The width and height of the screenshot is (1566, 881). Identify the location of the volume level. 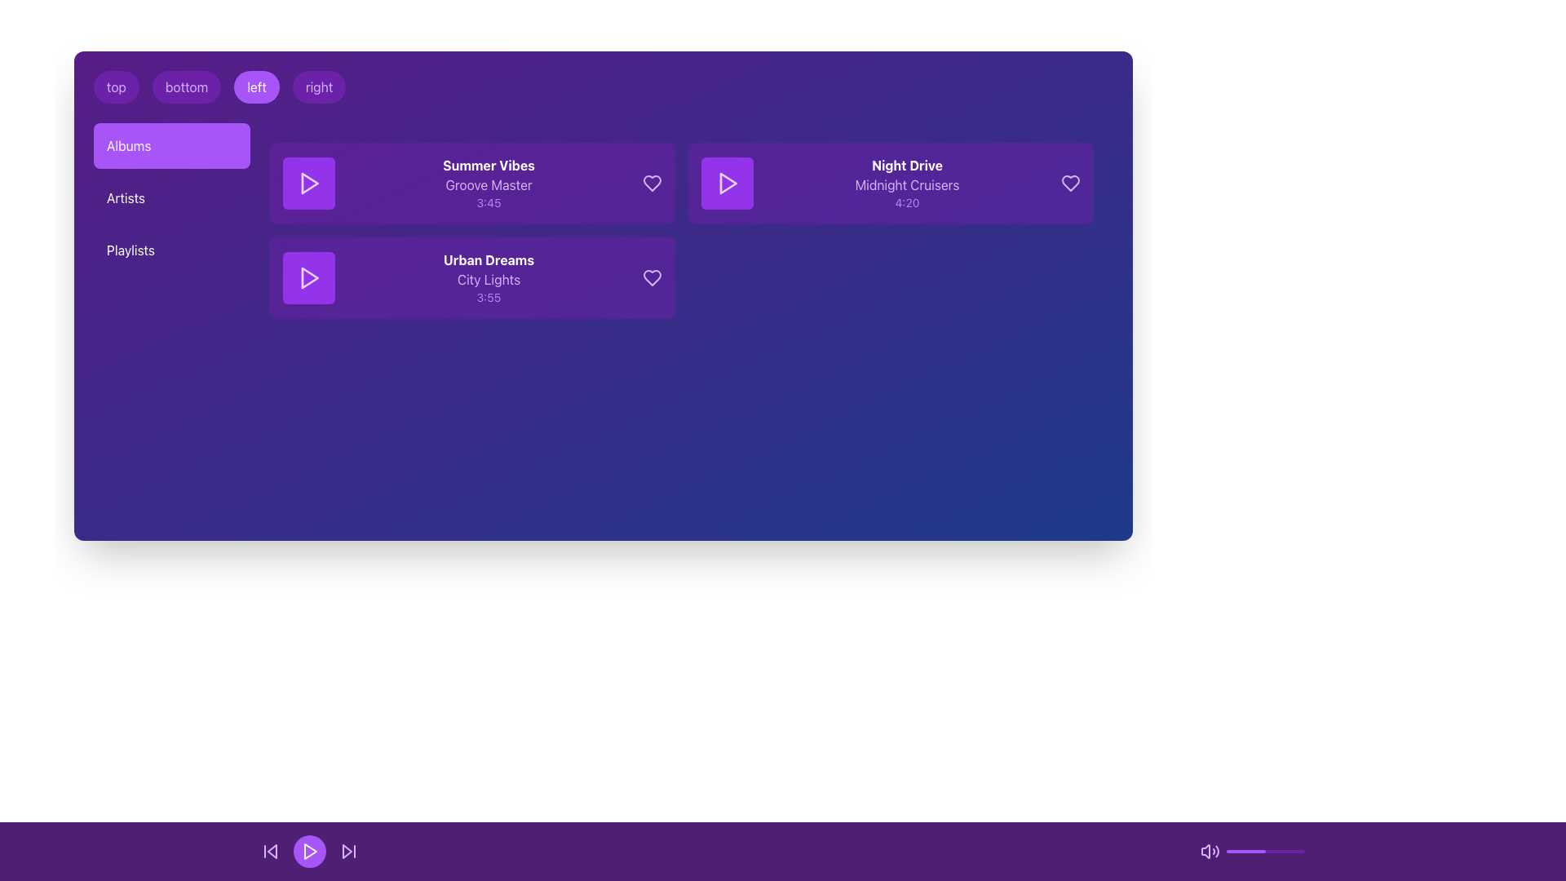
(1295, 851).